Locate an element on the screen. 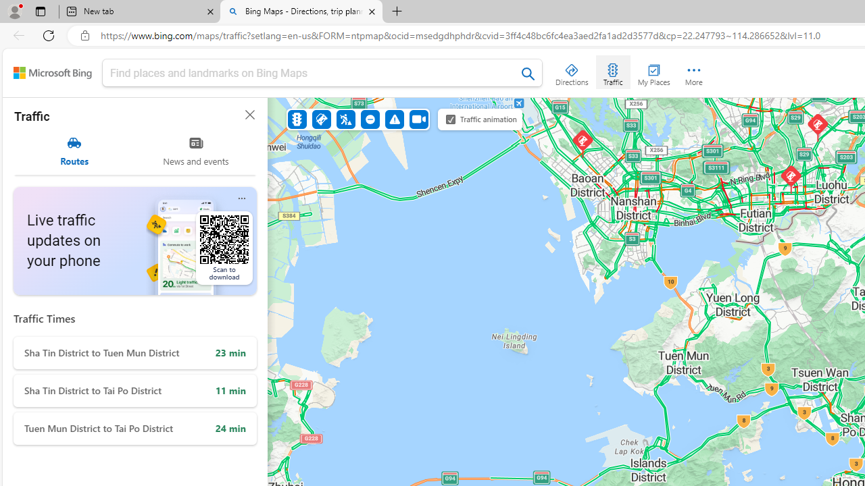  'My Places' is located at coordinates (653, 72).